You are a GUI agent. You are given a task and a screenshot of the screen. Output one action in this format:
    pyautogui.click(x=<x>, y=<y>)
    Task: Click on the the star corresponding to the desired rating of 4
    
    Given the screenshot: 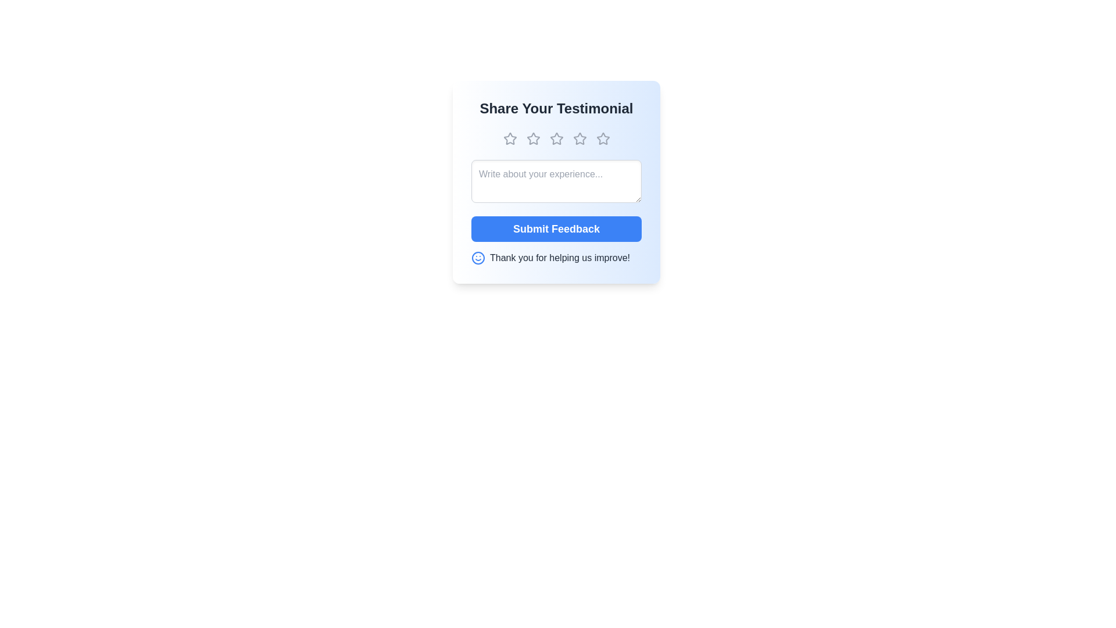 What is the action you would take?
    pyautogui.click(x=580, y=138)
    